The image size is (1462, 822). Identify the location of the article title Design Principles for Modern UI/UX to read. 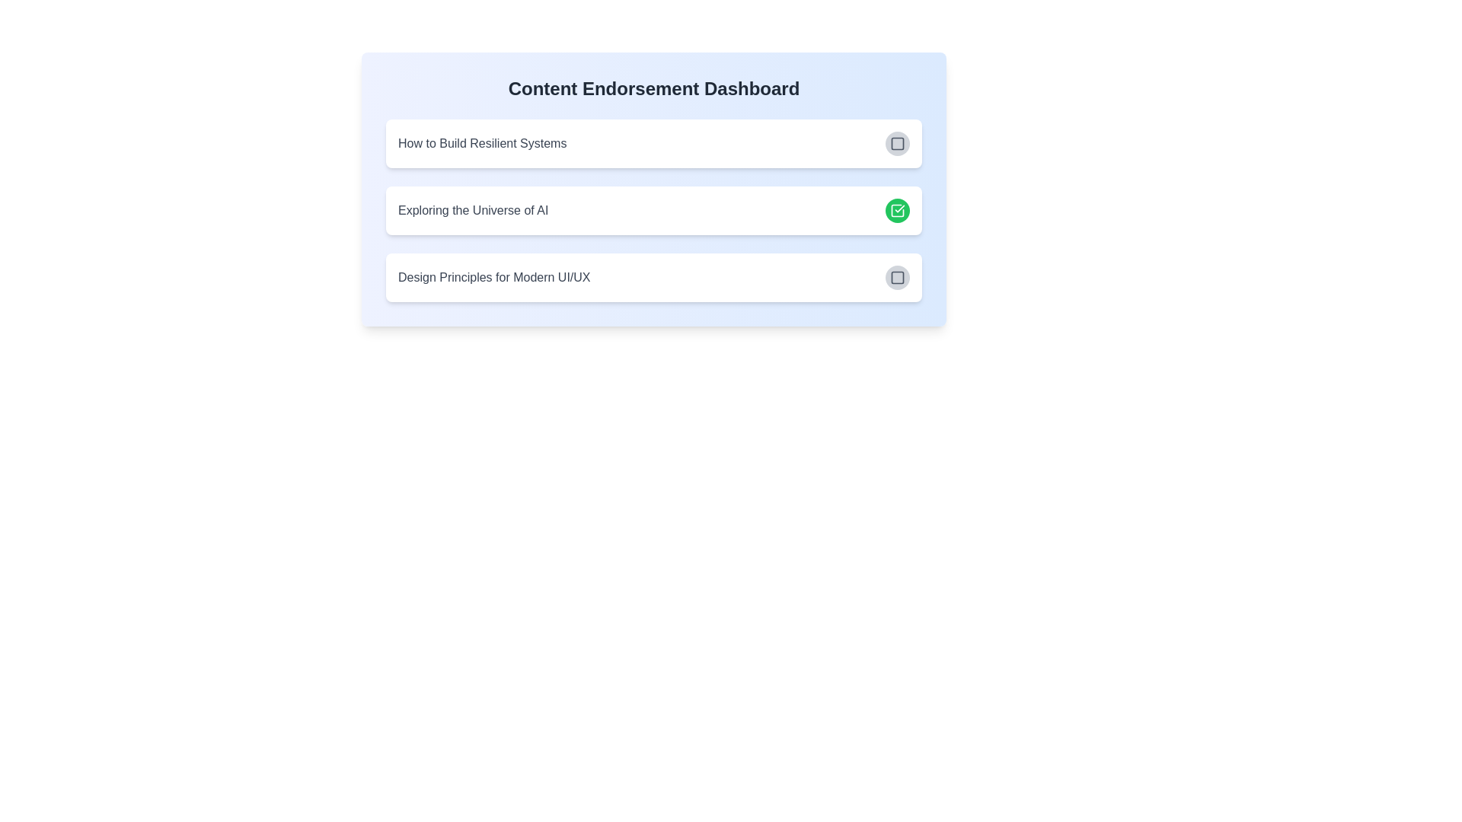
(493, 278).